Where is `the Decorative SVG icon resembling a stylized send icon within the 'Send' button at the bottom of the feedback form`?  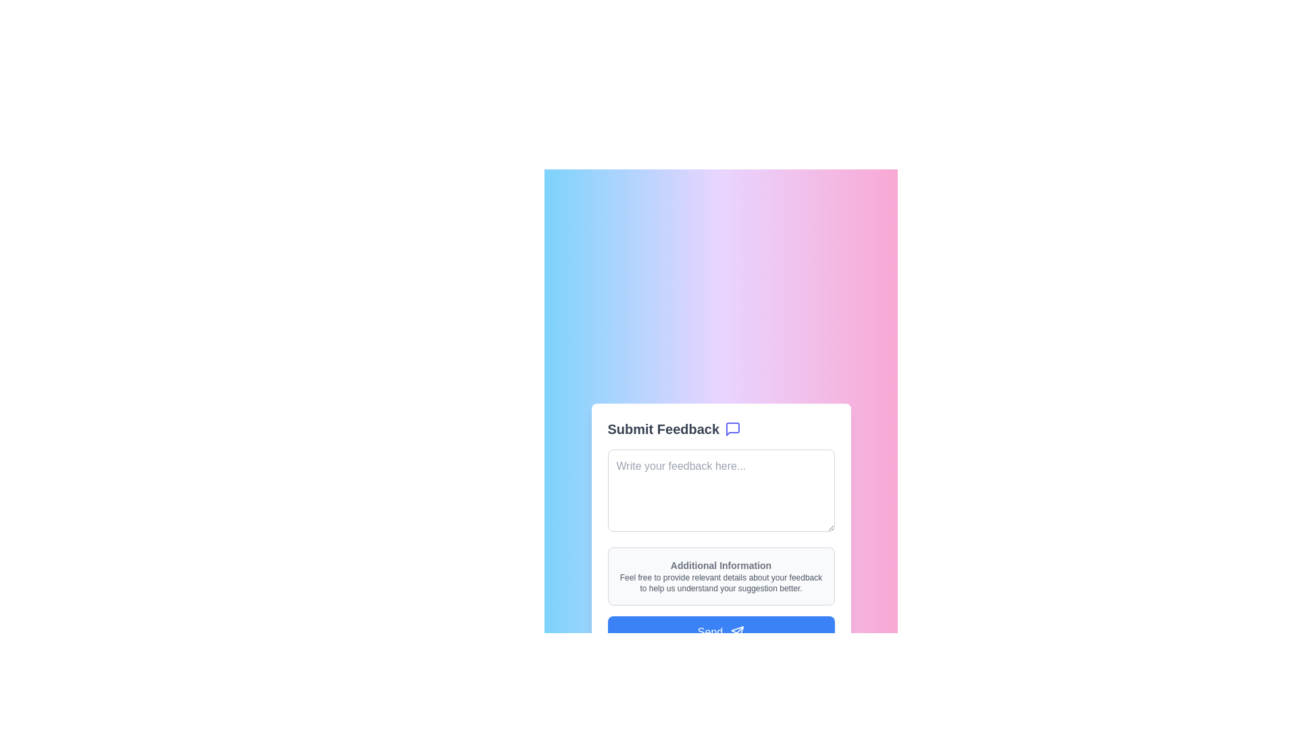
the Decorative SVG icon resembling a stylized send icon within the 'Send' button at the bottom of the feedback form is located at coordinates (737, 632).